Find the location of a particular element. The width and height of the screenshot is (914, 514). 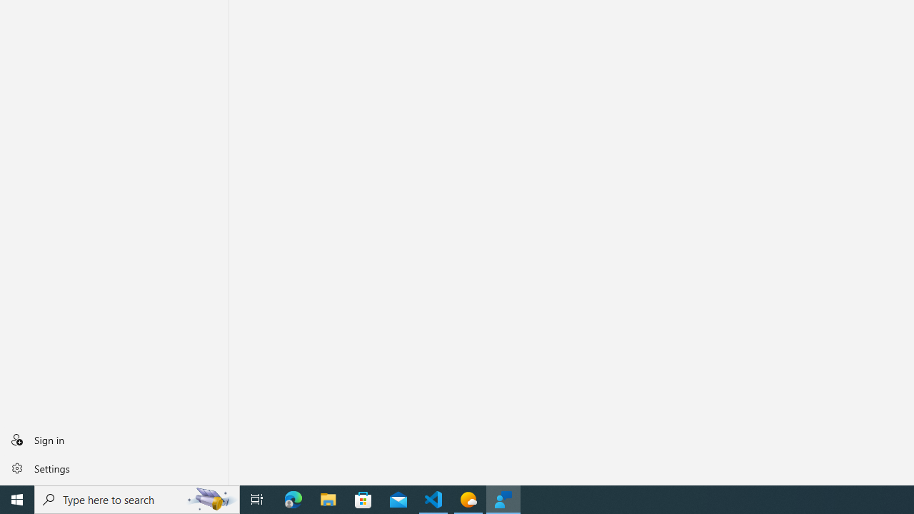

'Start' is located at coordinates (17, 498).